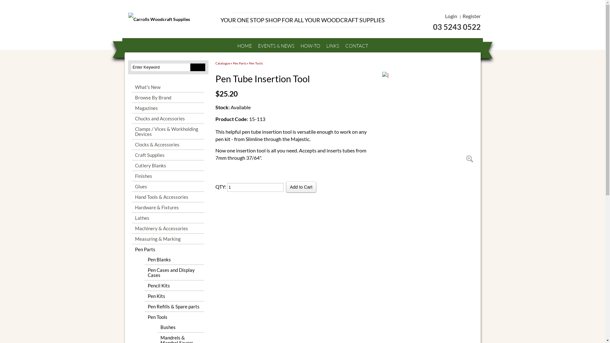 The image size is (610, 343). What do you see at coordinates (157, 327) in the screenshot?
I see `'Bushes'` at bounding box center [157, 327].